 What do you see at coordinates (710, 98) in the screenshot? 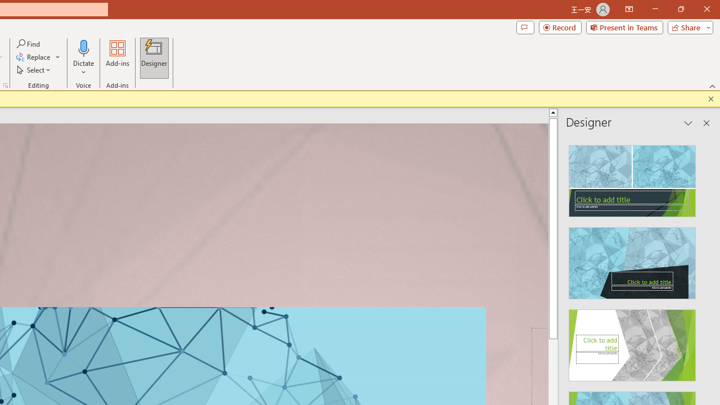
I see `'Close this message'` at bounding box center [710, 98].